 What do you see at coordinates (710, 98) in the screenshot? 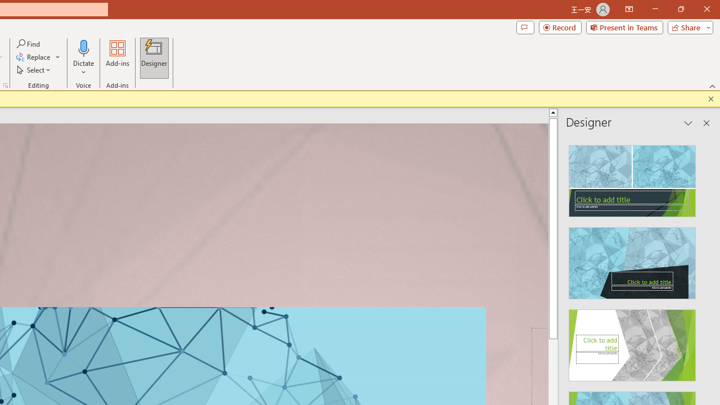
I see `'Close this message'` at bounding box center [710, 98].